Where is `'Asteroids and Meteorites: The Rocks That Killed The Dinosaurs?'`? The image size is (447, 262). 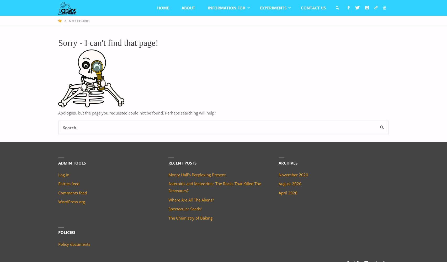 'Asteroids and Meteorites: The Rocks That Killed The Dinosaurs?' is located at coordinates (214, 187).